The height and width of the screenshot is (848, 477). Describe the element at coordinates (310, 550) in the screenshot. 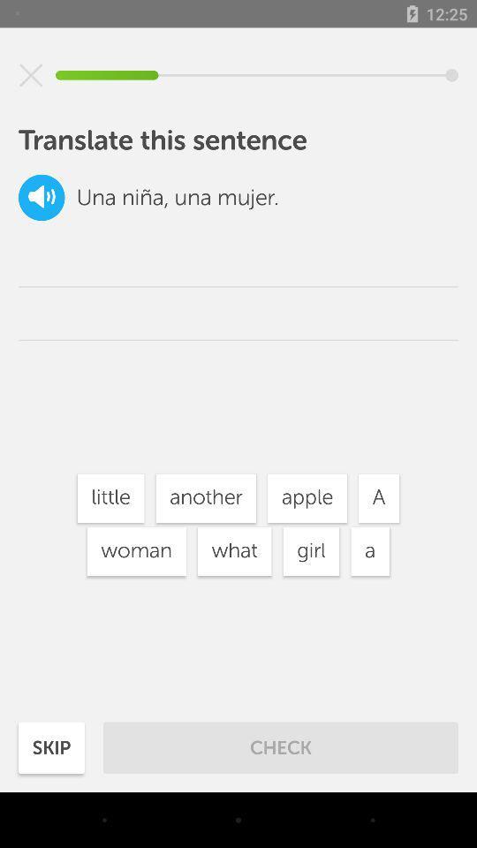

I see `the girl` at that location.